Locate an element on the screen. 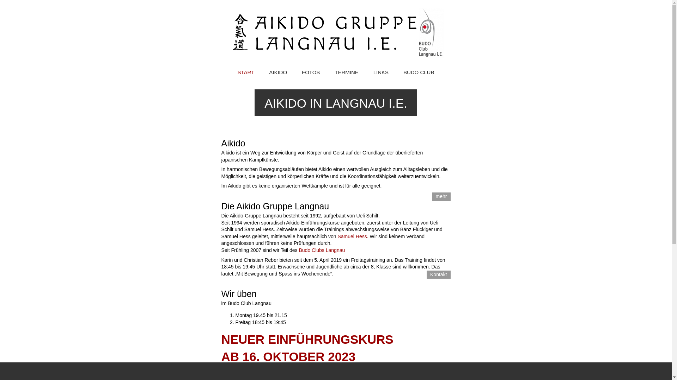 Image resolution: width=677 pixels, height=380 pixels. 'AIKIDO' is located at coordinates (277, 73).